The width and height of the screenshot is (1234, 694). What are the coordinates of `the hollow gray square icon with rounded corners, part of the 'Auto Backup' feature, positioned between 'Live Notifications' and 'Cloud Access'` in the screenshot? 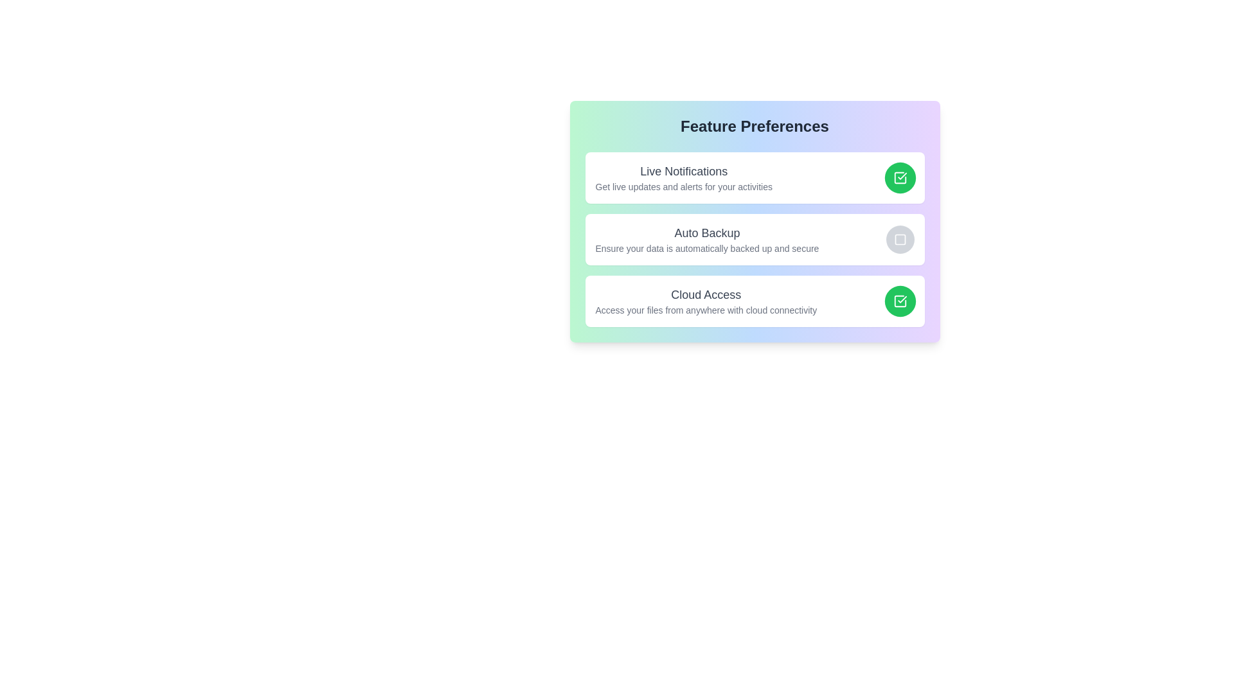 It's located at (899, 240).